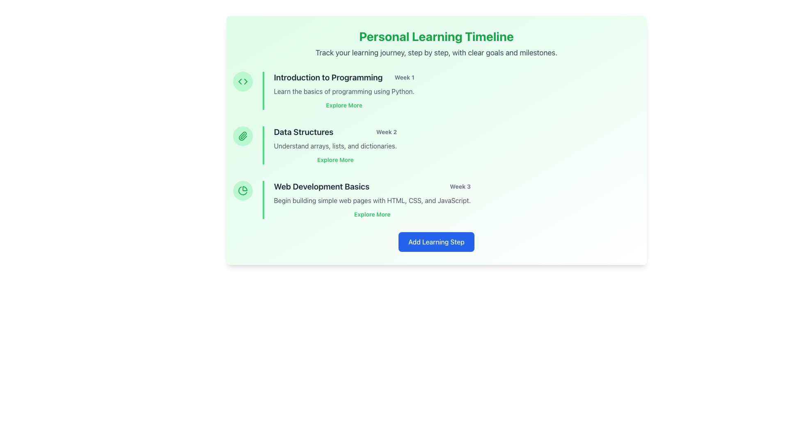  What do you see at coordinates (436, 44) in the screenshot?
I see `the Header Section that displays 'Personal Learning Timeline' with a light green background and contains the text 'Track your learning journey, step by step, with clear goals and milestones.'` at bounding box center [436, 44].